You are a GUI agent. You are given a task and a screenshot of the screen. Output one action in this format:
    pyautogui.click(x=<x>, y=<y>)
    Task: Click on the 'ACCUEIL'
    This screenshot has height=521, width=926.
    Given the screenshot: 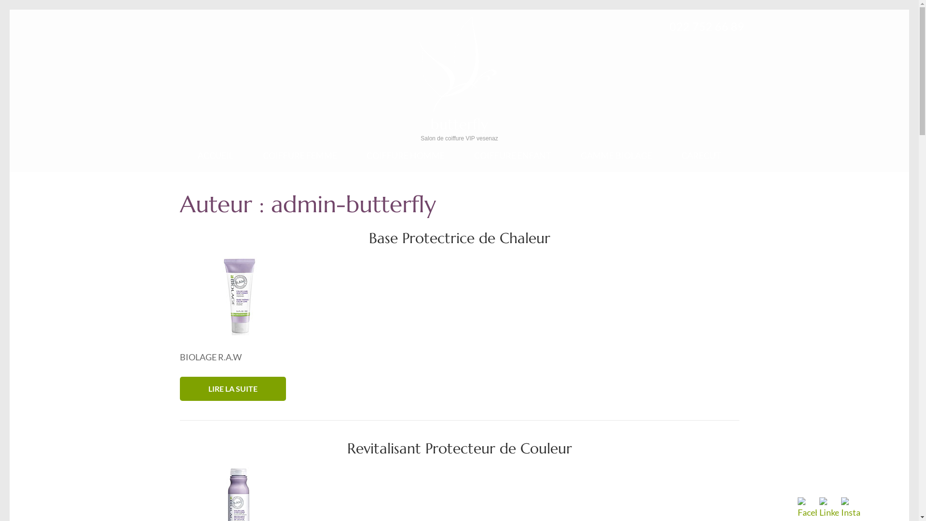 What is the action you would take?
    pyautogui.click(x=215, y=161)
    